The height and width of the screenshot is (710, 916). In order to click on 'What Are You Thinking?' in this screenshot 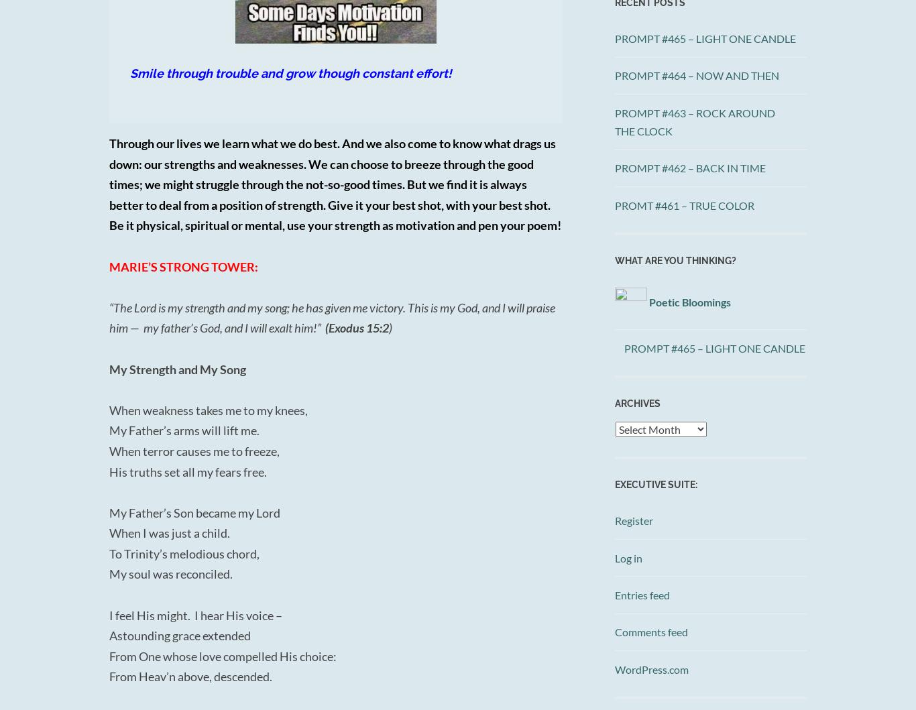, I will do `click(675, 259)`.